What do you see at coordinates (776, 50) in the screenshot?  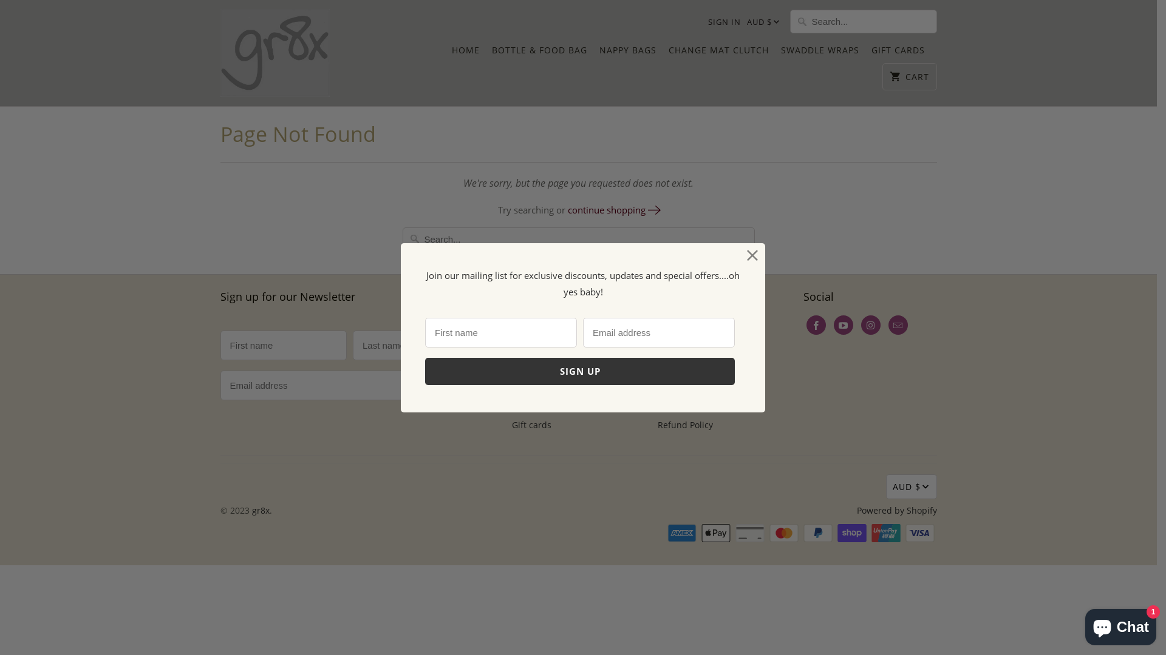 I see `'AED'` at bounding box center [776, 50].